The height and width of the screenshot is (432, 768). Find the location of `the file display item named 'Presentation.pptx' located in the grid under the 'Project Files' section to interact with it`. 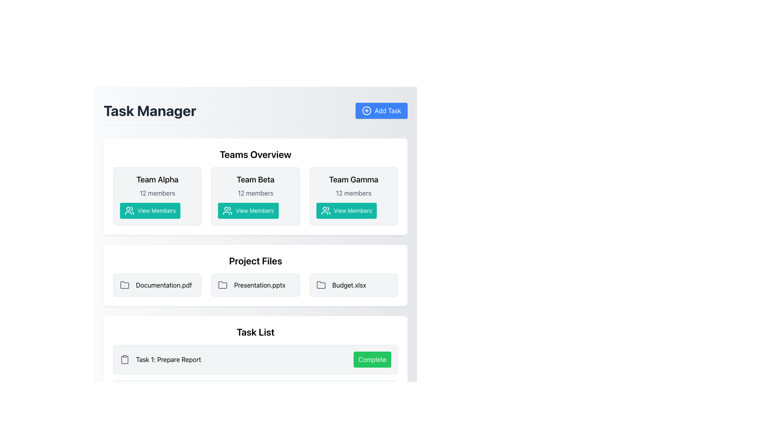

the file display item named 'Presentation.pptx' located in the grid under the 'Project Files' section to interact with it is located at coordinates (255, 285).